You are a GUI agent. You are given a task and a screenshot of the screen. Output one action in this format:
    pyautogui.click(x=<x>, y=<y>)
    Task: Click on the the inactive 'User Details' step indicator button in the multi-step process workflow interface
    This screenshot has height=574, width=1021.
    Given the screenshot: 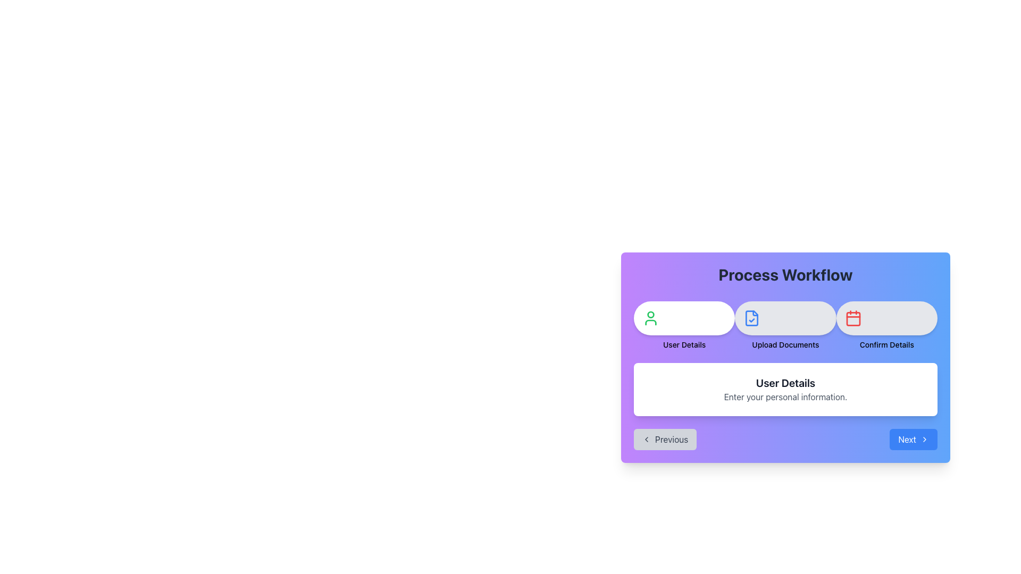 What is the action you would take?
    pyautogui.click(x=684, y=325)
    